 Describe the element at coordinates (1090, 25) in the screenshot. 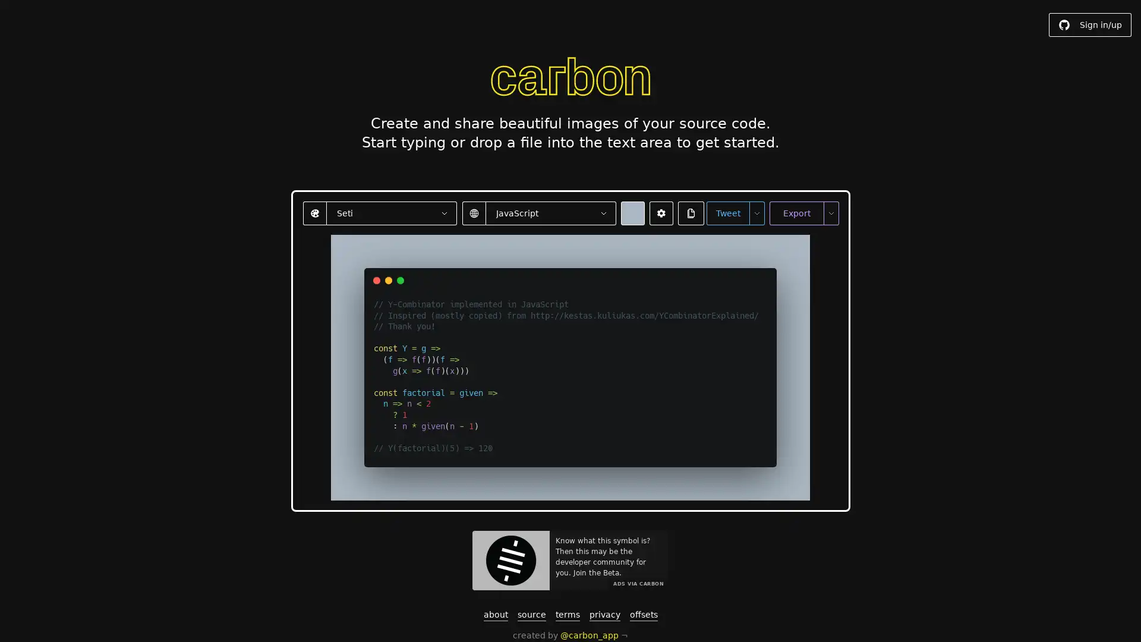

I see `GitHub Sign in/up` at that location.